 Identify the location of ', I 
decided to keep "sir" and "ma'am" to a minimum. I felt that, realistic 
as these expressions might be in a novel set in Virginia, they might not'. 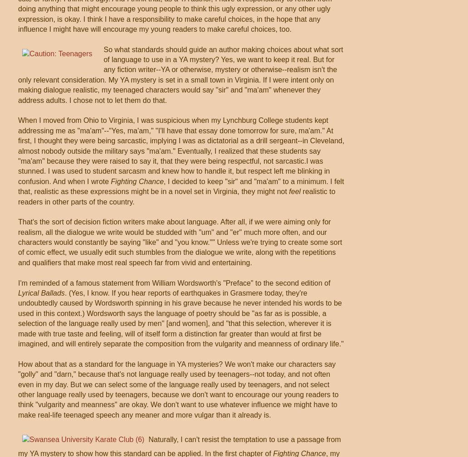
(180, 186).